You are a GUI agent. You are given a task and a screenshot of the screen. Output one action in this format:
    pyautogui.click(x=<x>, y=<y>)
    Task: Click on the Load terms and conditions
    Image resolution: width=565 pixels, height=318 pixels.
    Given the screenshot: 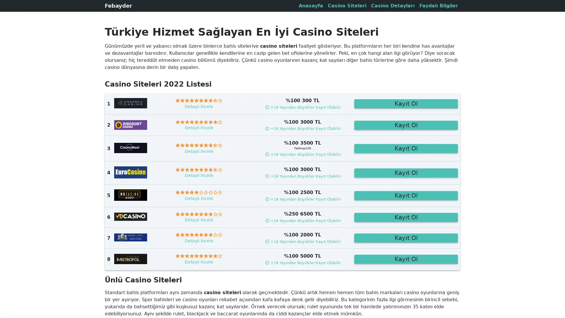 What is the action you would take?
    pyautogui.click(x=302, y=199)
    